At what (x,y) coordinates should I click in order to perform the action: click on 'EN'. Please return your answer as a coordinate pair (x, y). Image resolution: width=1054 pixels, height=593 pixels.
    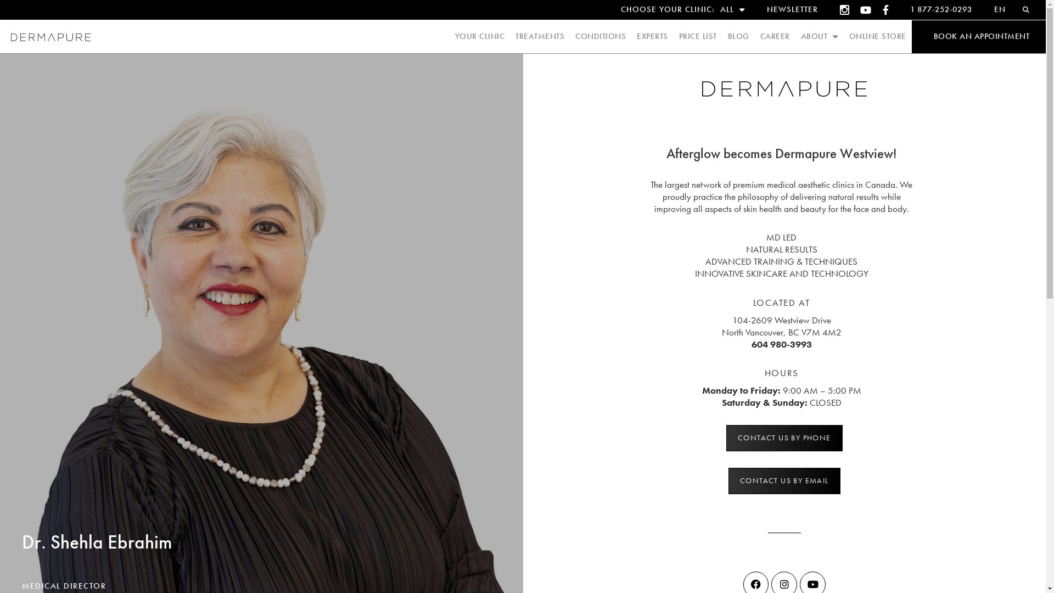
    Looking at the image, I should click on (983, 10).